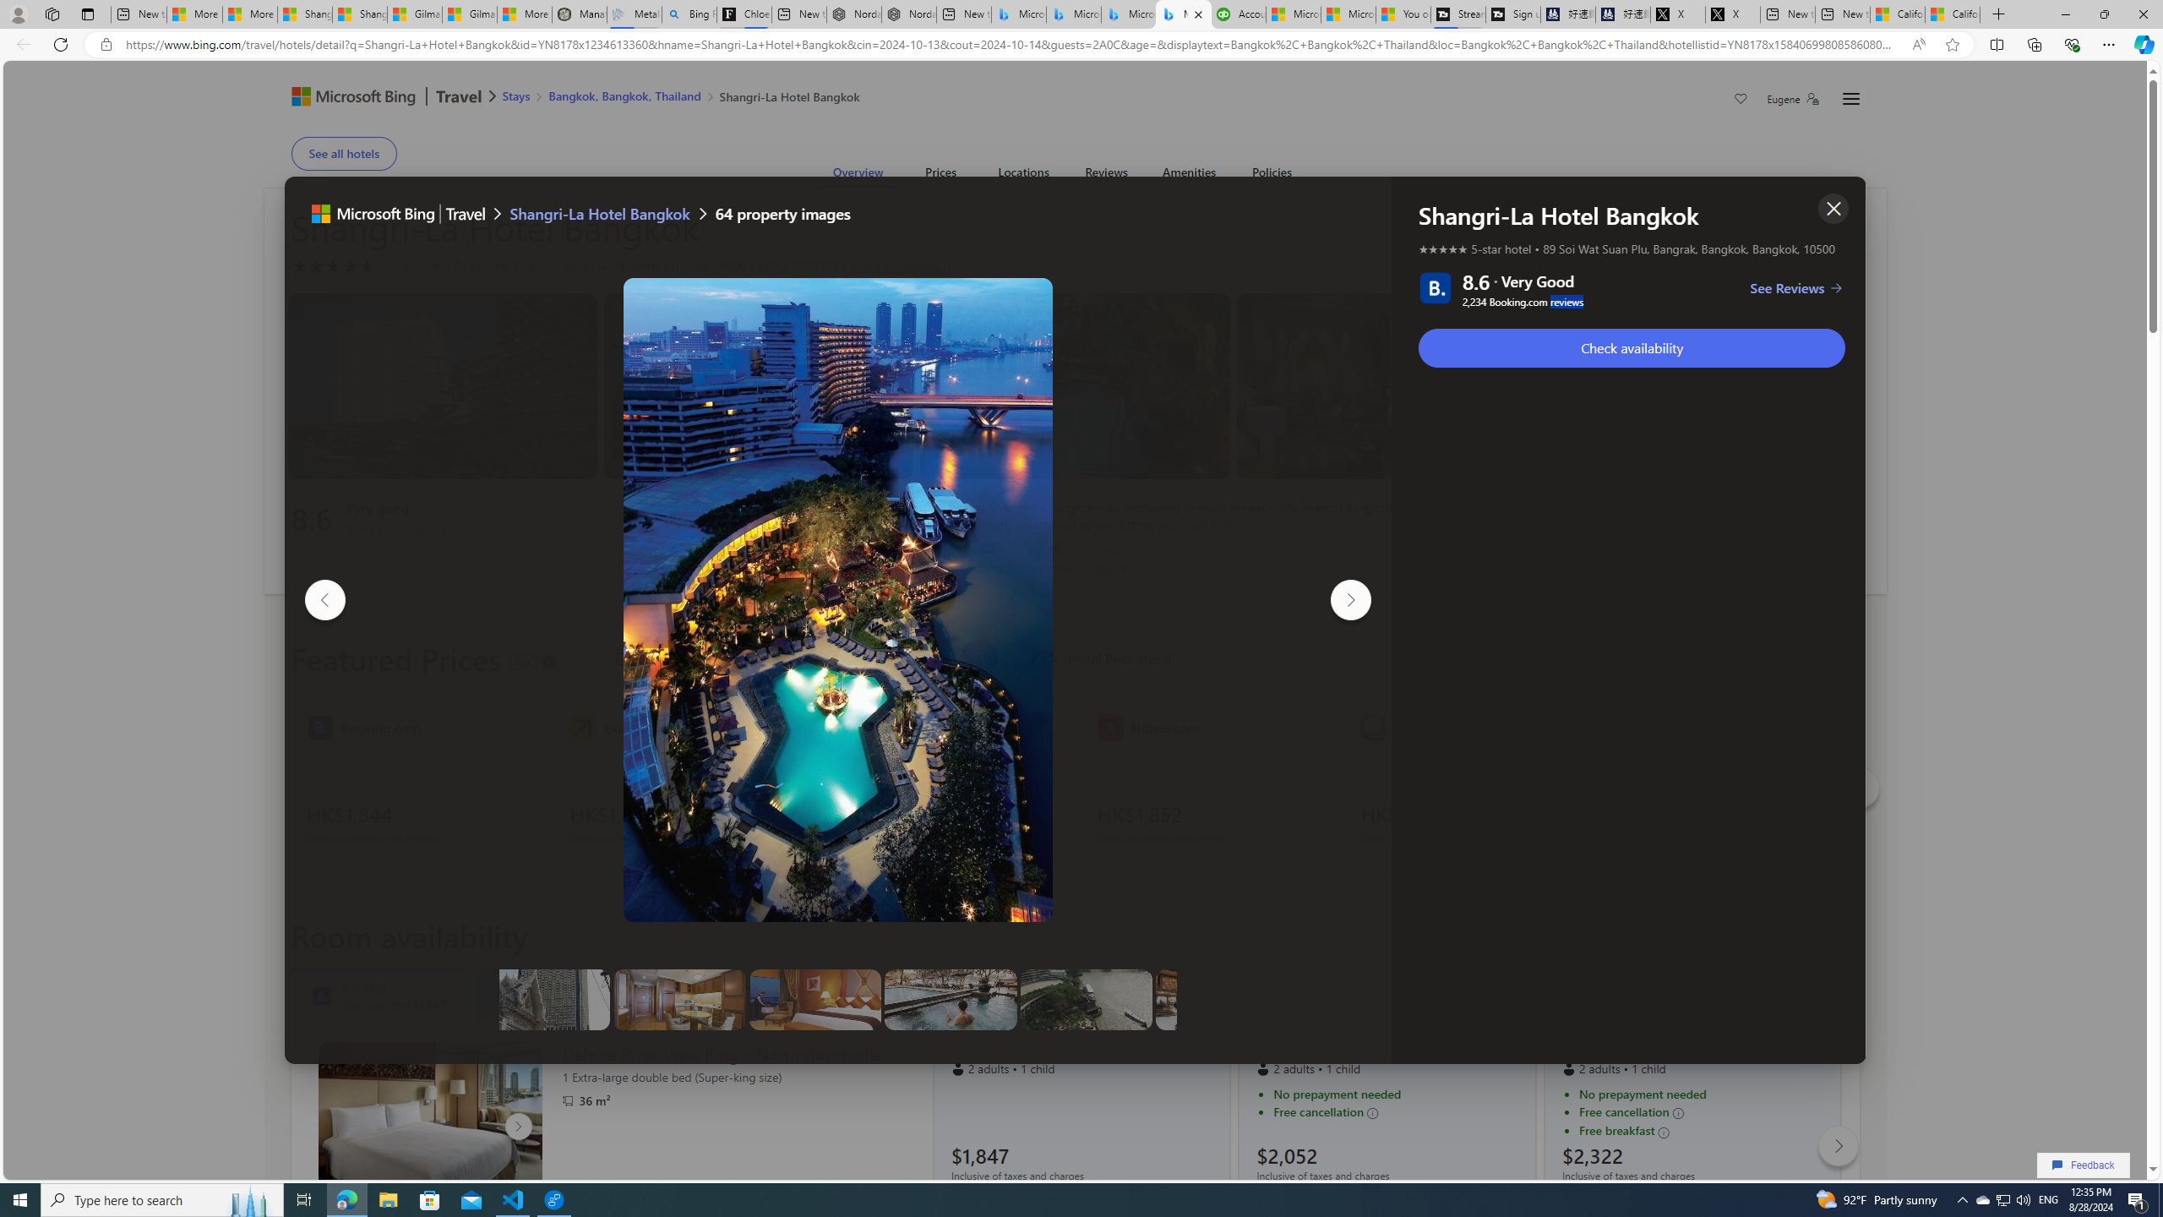 The height and width of the screenshot is (1217, 2163). Describe the element at coordinates (744, 14) in the screenshot. I see `'Chloe Sorvino'` at that location.